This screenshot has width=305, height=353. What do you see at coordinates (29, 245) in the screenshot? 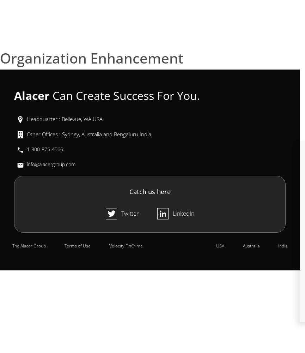
I see `'The Alacer Group'` at bounding box center [29, 245].